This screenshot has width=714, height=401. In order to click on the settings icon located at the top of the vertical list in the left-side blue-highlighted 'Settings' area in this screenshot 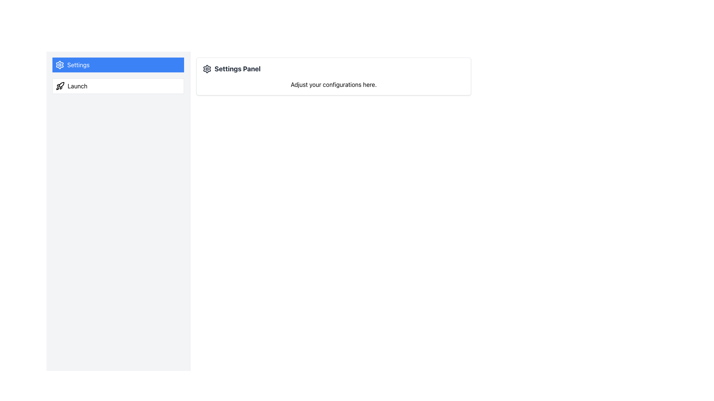, I will do `click(207, 69)`.